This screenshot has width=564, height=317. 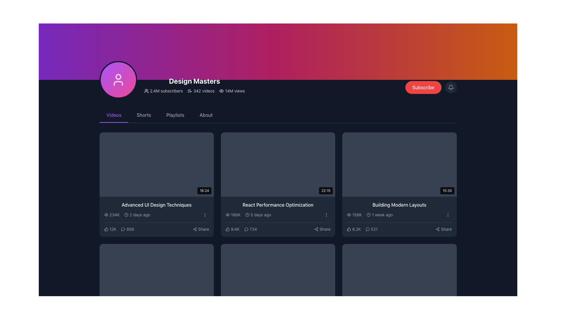 I want to click on the static text label displaying '186K' adjacent to an eye icon, indicating the count of views, located in the metadata section under the video thumbnail for 'React Performance Optimization', so click(x=233, y=215).